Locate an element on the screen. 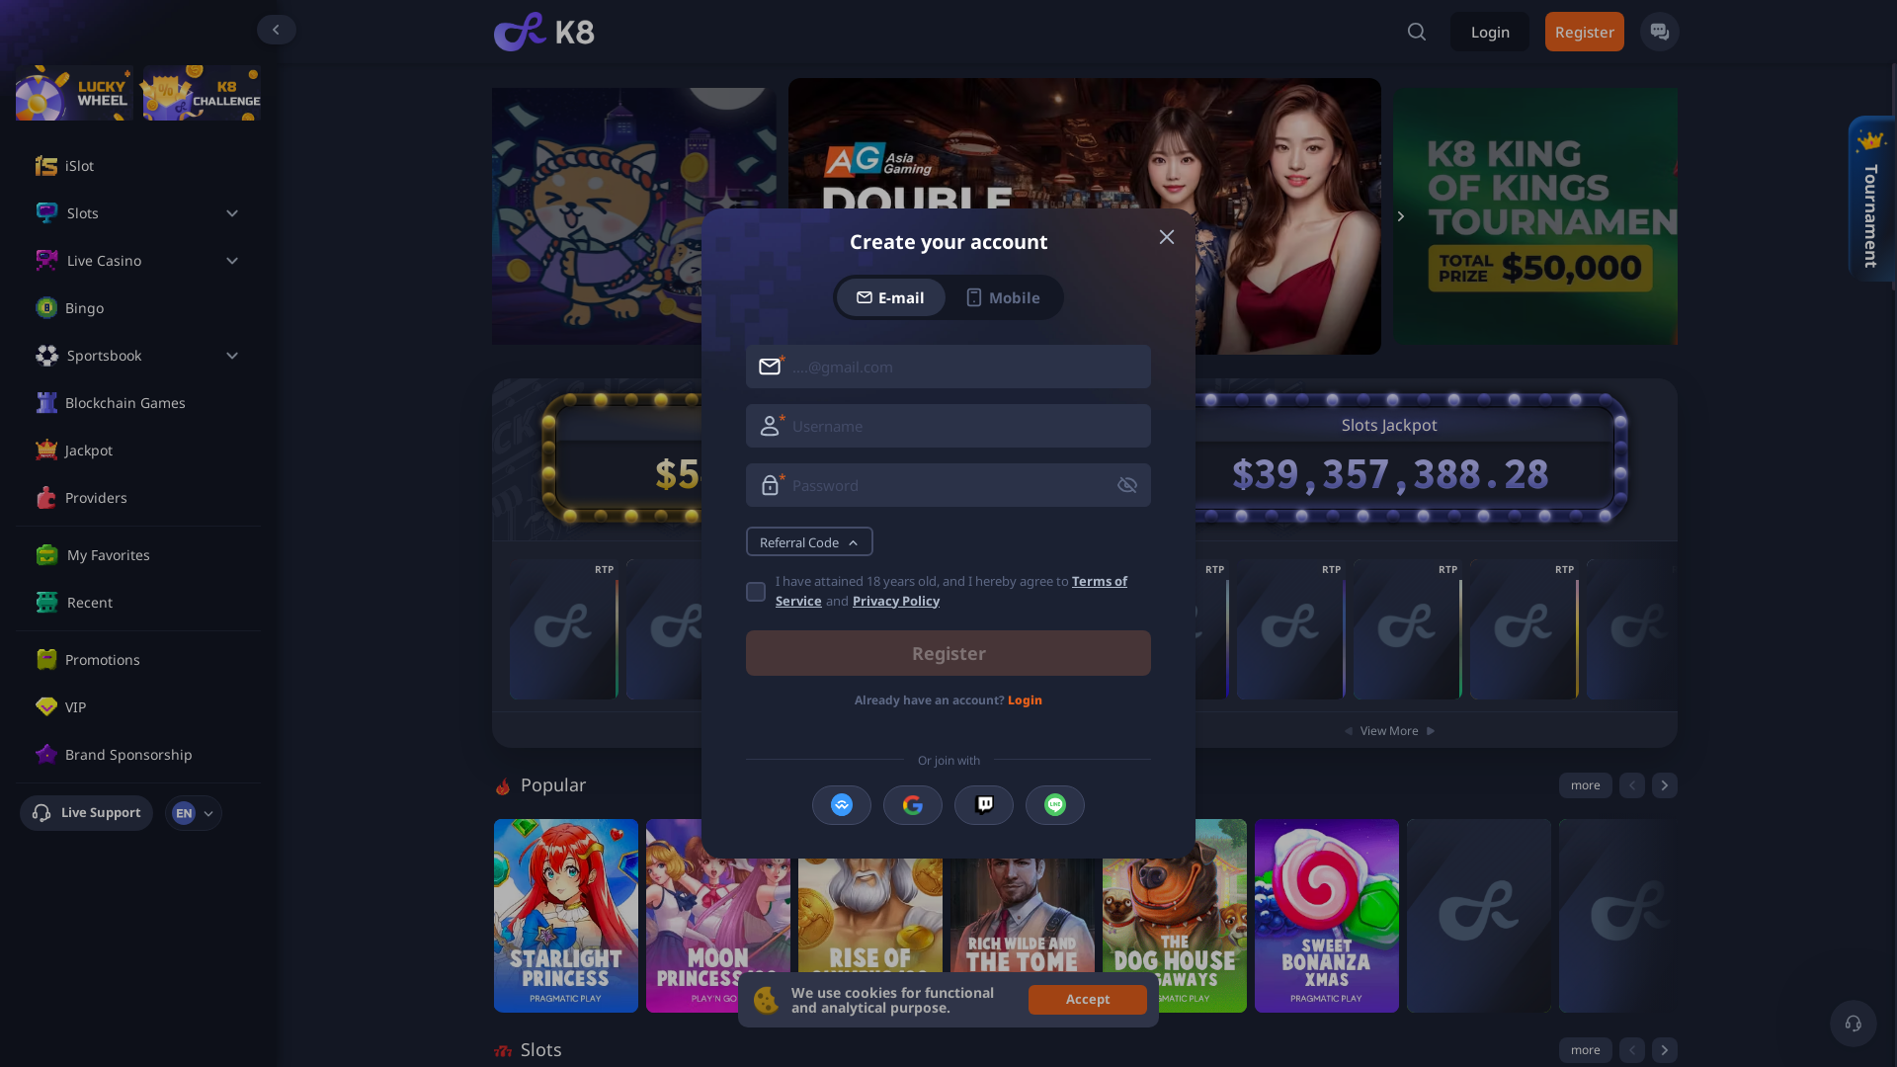 The height and width of the screenshot is (1067, 1897). 'Register' is located at coordinates (948, 652).